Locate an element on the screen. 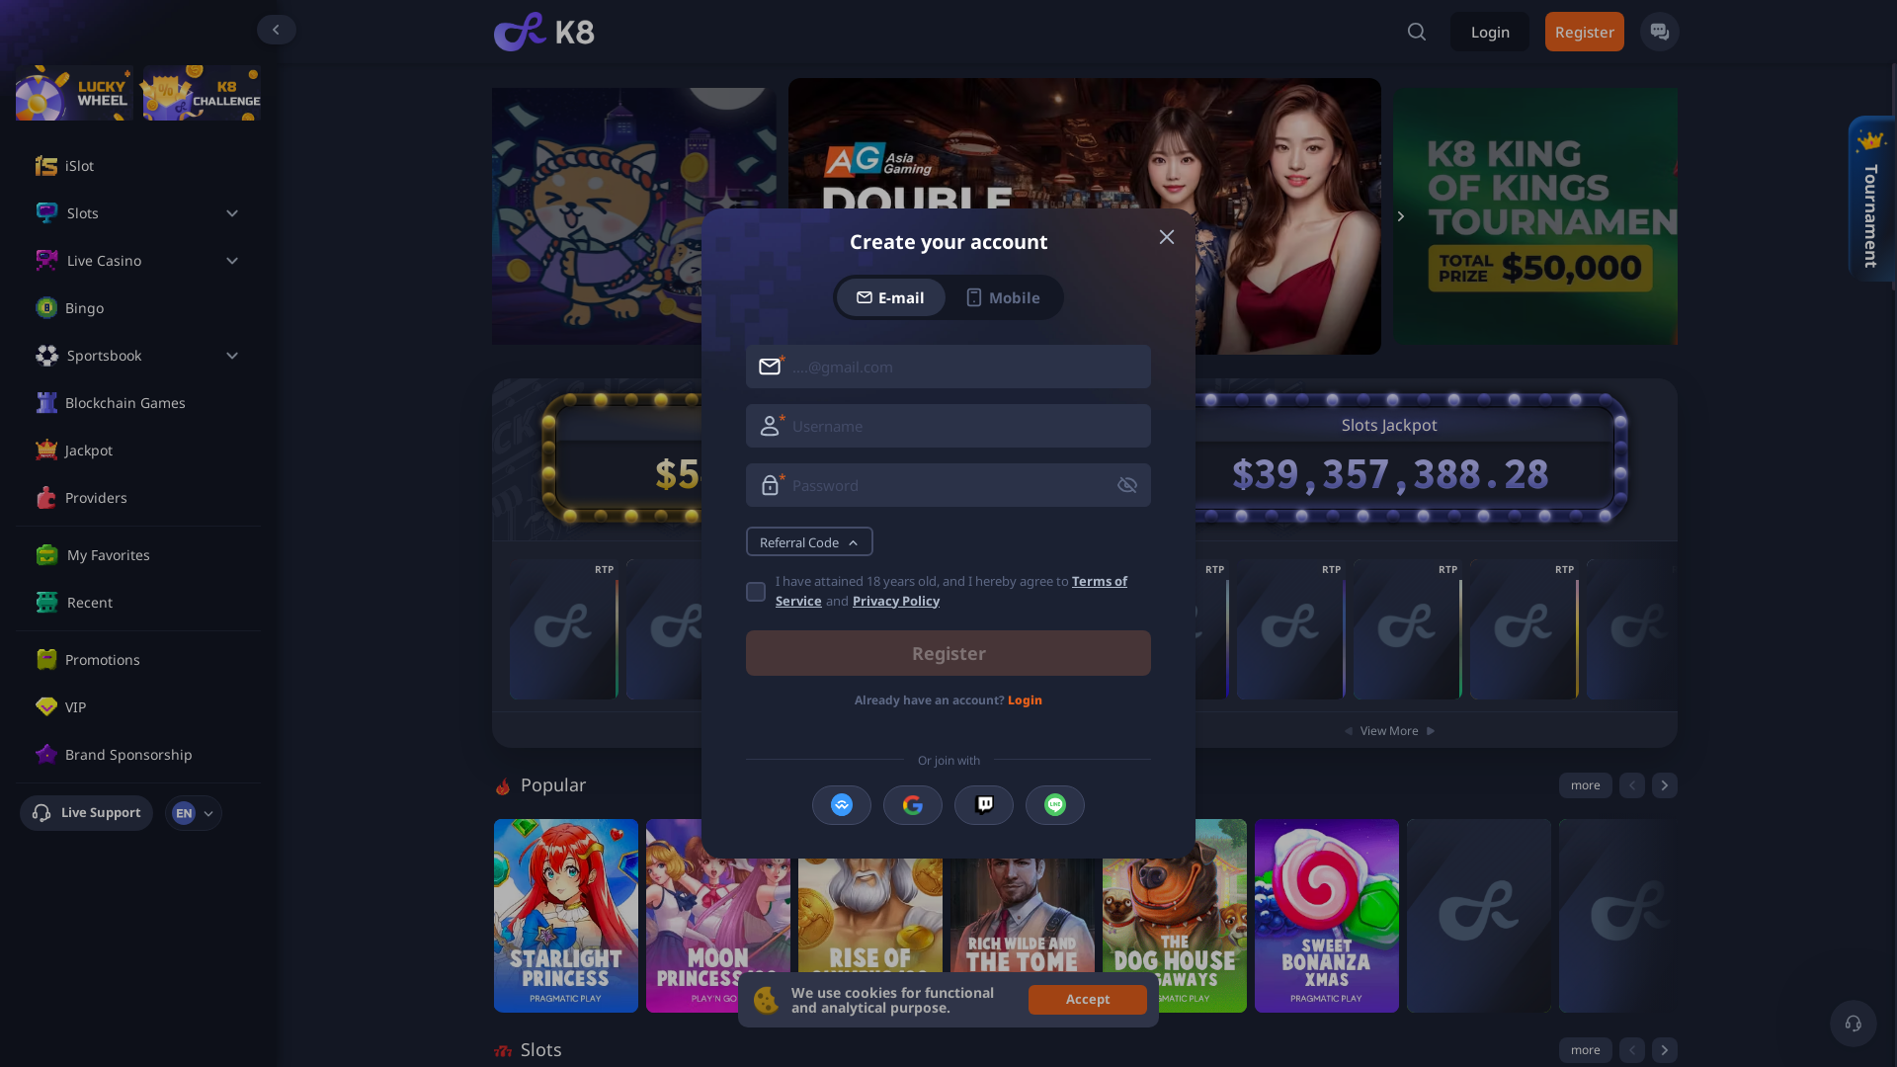 The height and width of the screenshot is (1067, 1897). 'Register' is located at coordinates (948, 652).